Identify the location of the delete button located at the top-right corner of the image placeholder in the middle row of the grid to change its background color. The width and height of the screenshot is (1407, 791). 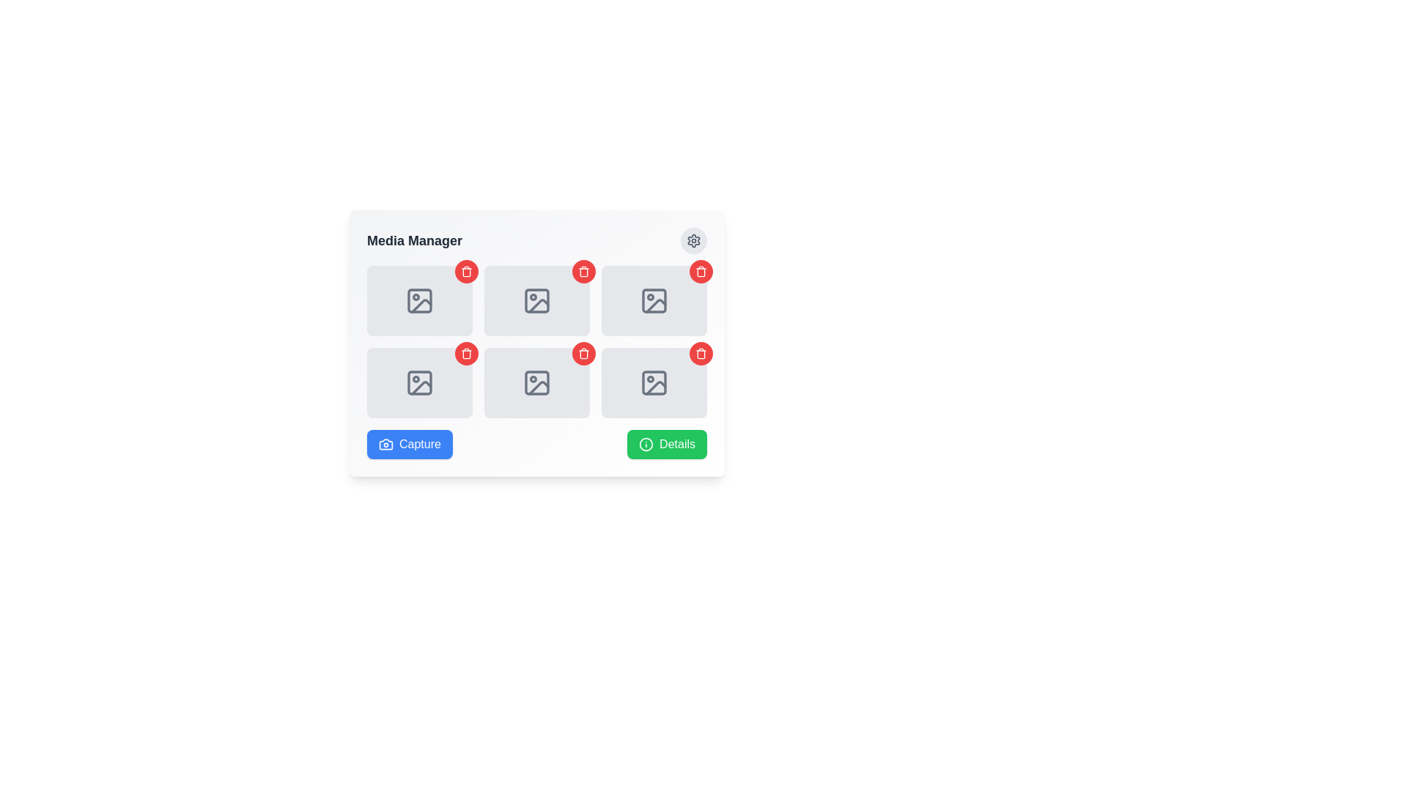
(583, 353).